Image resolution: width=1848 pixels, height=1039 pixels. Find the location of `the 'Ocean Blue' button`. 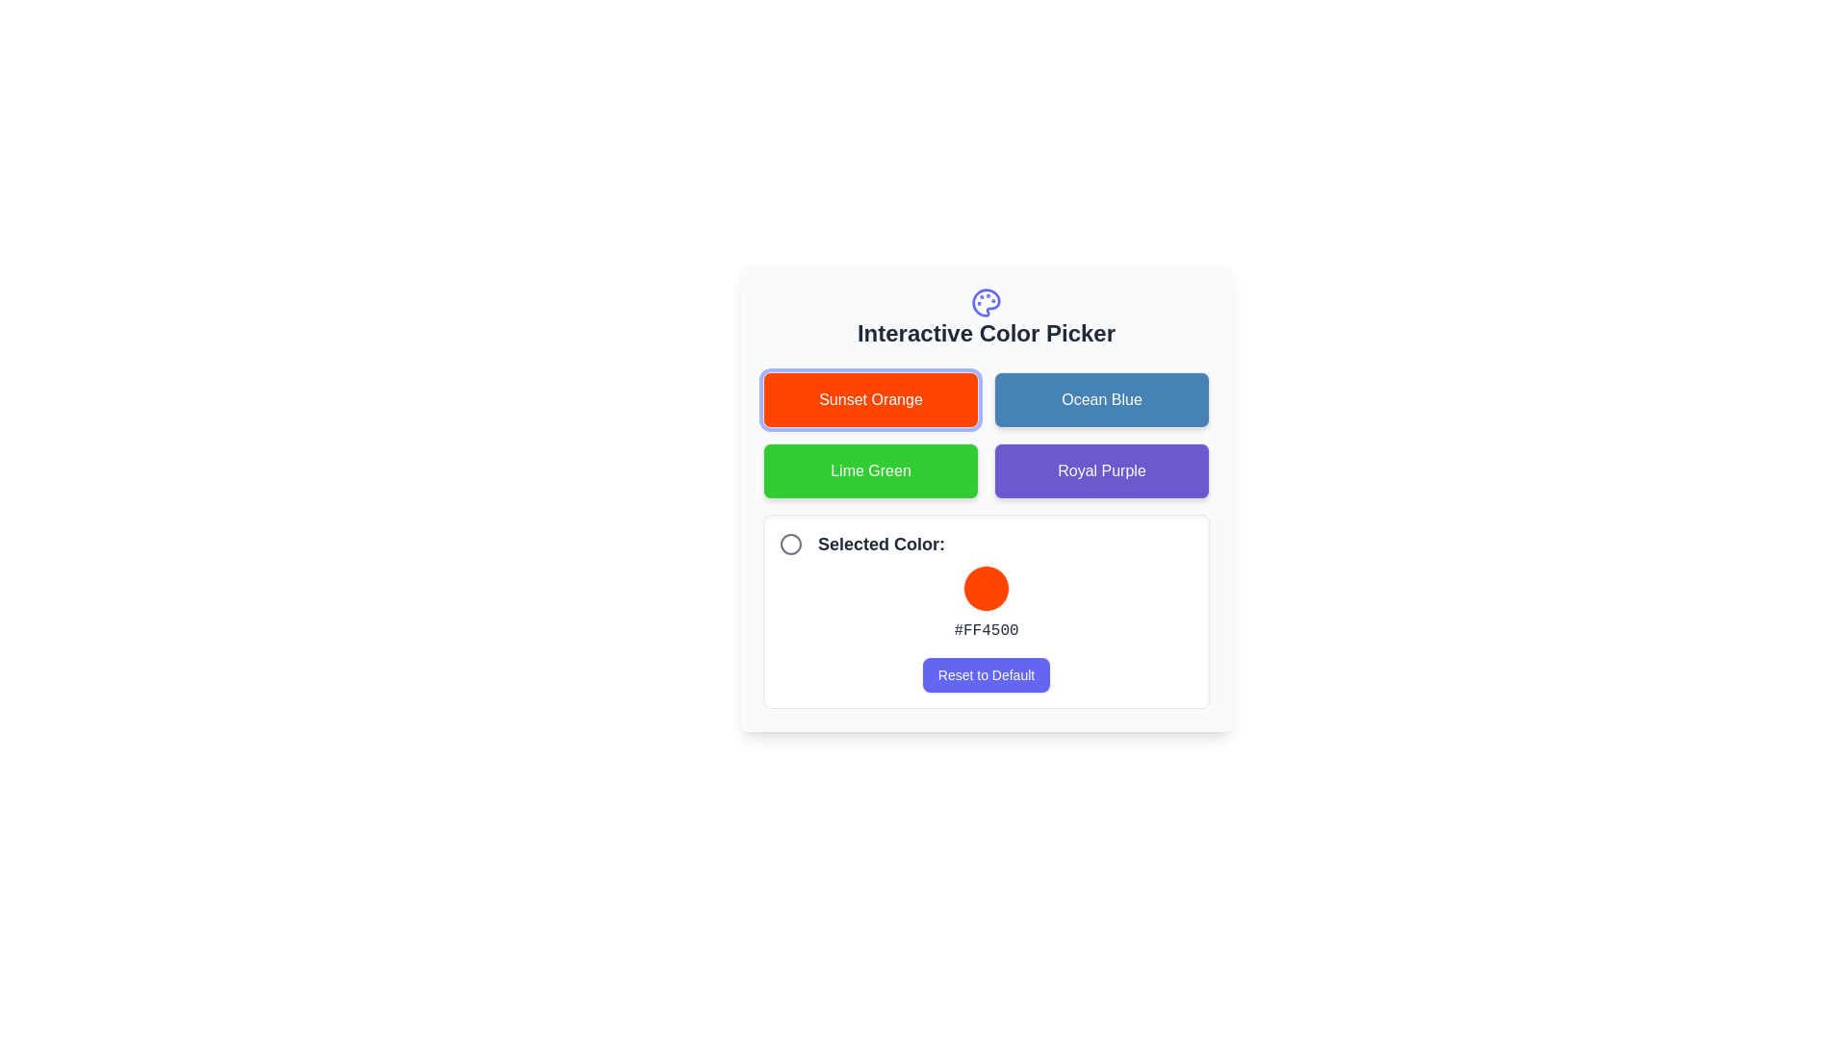

the 'Ocean Blue' button is located at coordinates (1102, 399).